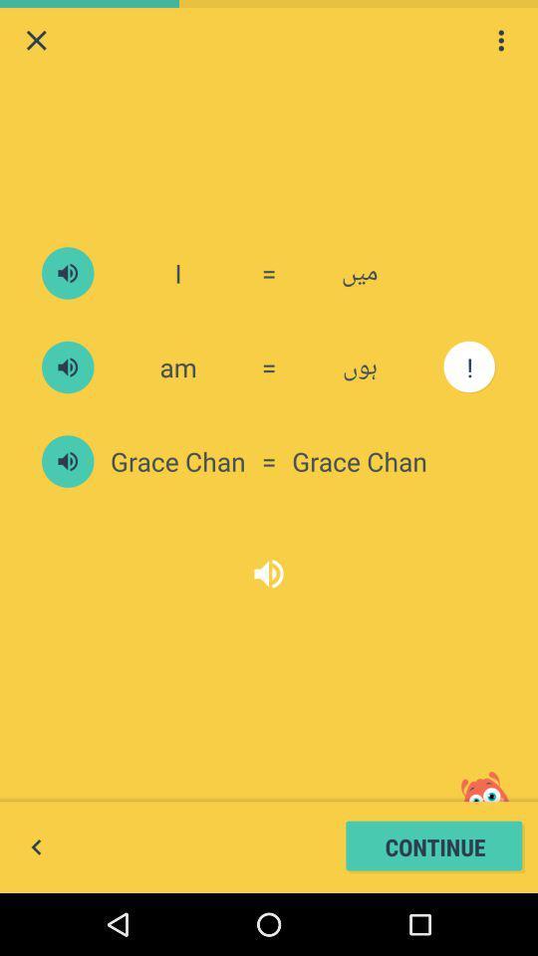 This screenshot has width=538, height=956. I want to click on the more icon, so click(500, 42).